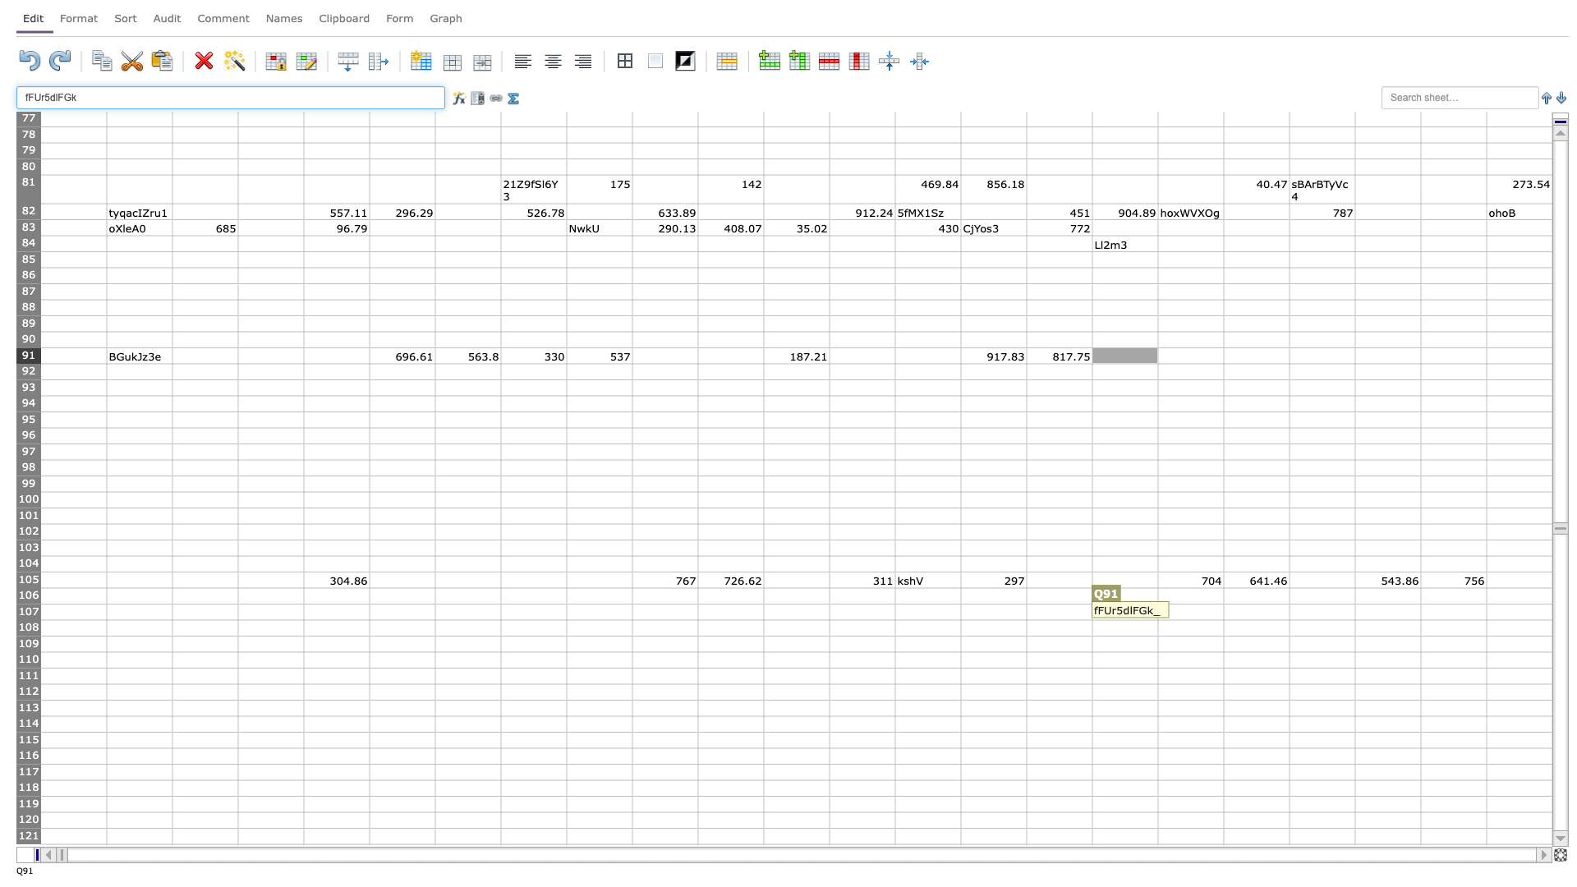 This screenshot has height=887, width=1577. Describe the element at coordinates (1355, 612) in the screenshot. I see `Right margin of T107` at that location.